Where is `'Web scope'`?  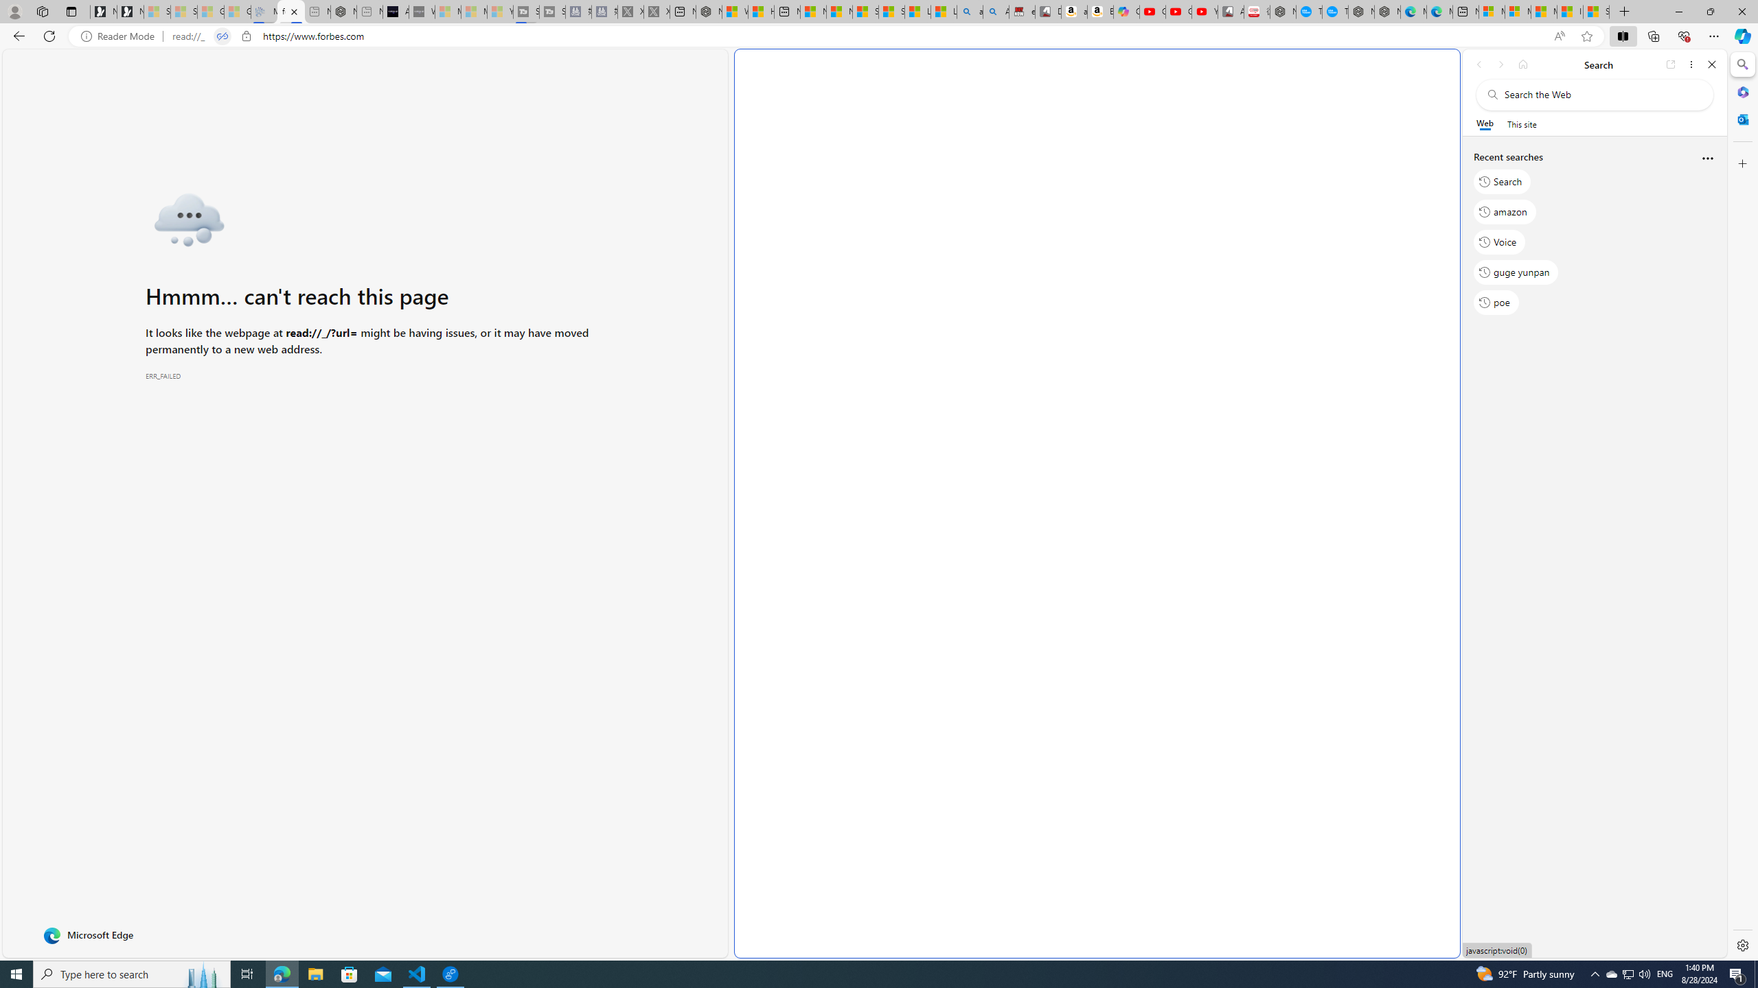
'Web scope' is located at coordinates (1485, 123).